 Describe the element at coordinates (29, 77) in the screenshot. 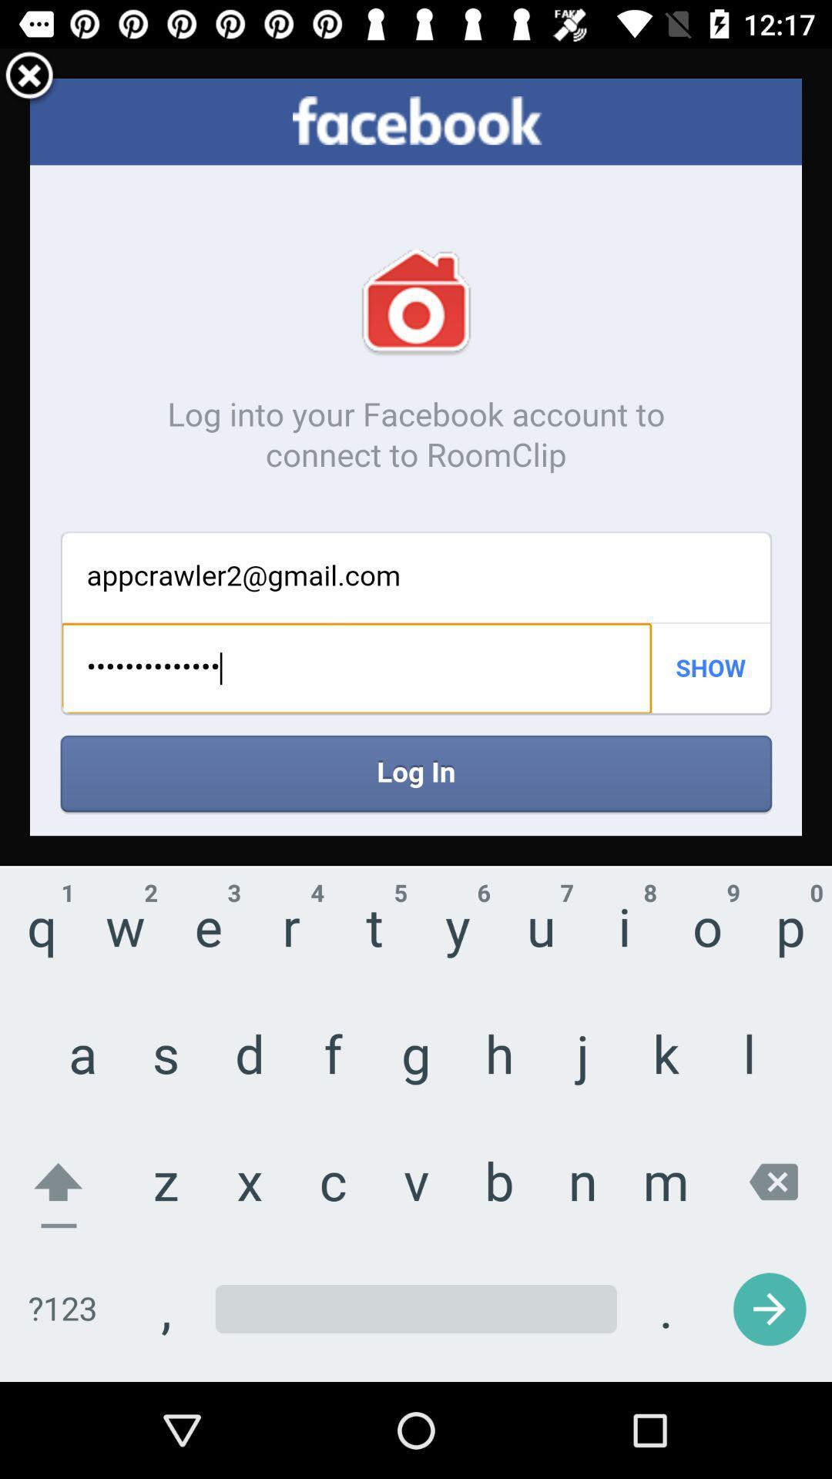

I see `post` at that location.